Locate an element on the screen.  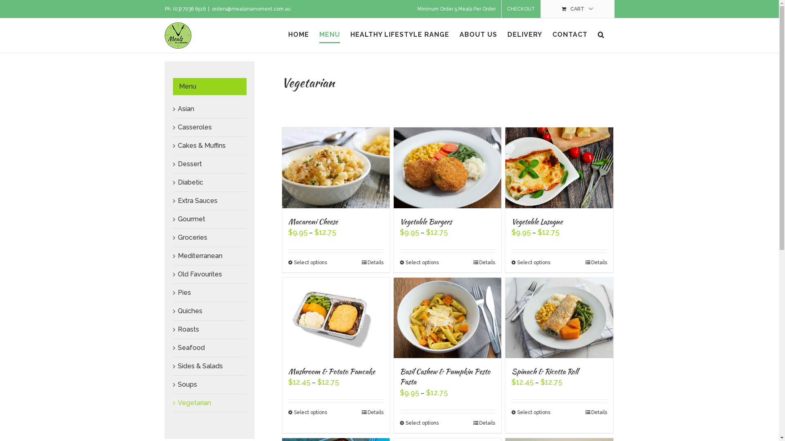
'Soups' is located at coordinates (177, 384).